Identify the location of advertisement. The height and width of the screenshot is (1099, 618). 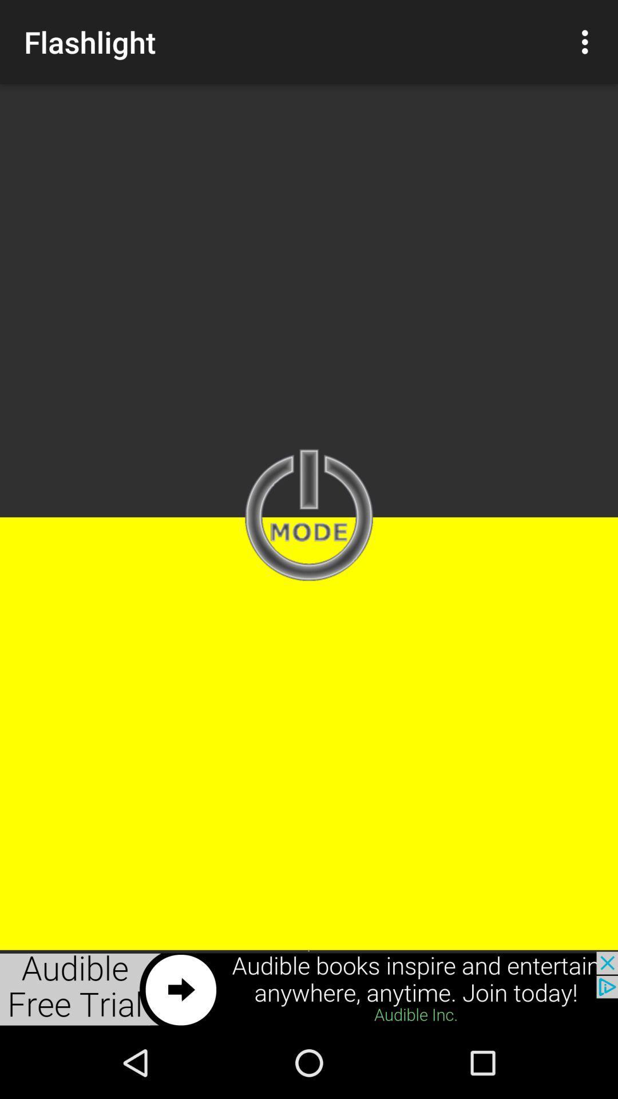
(309, 989).